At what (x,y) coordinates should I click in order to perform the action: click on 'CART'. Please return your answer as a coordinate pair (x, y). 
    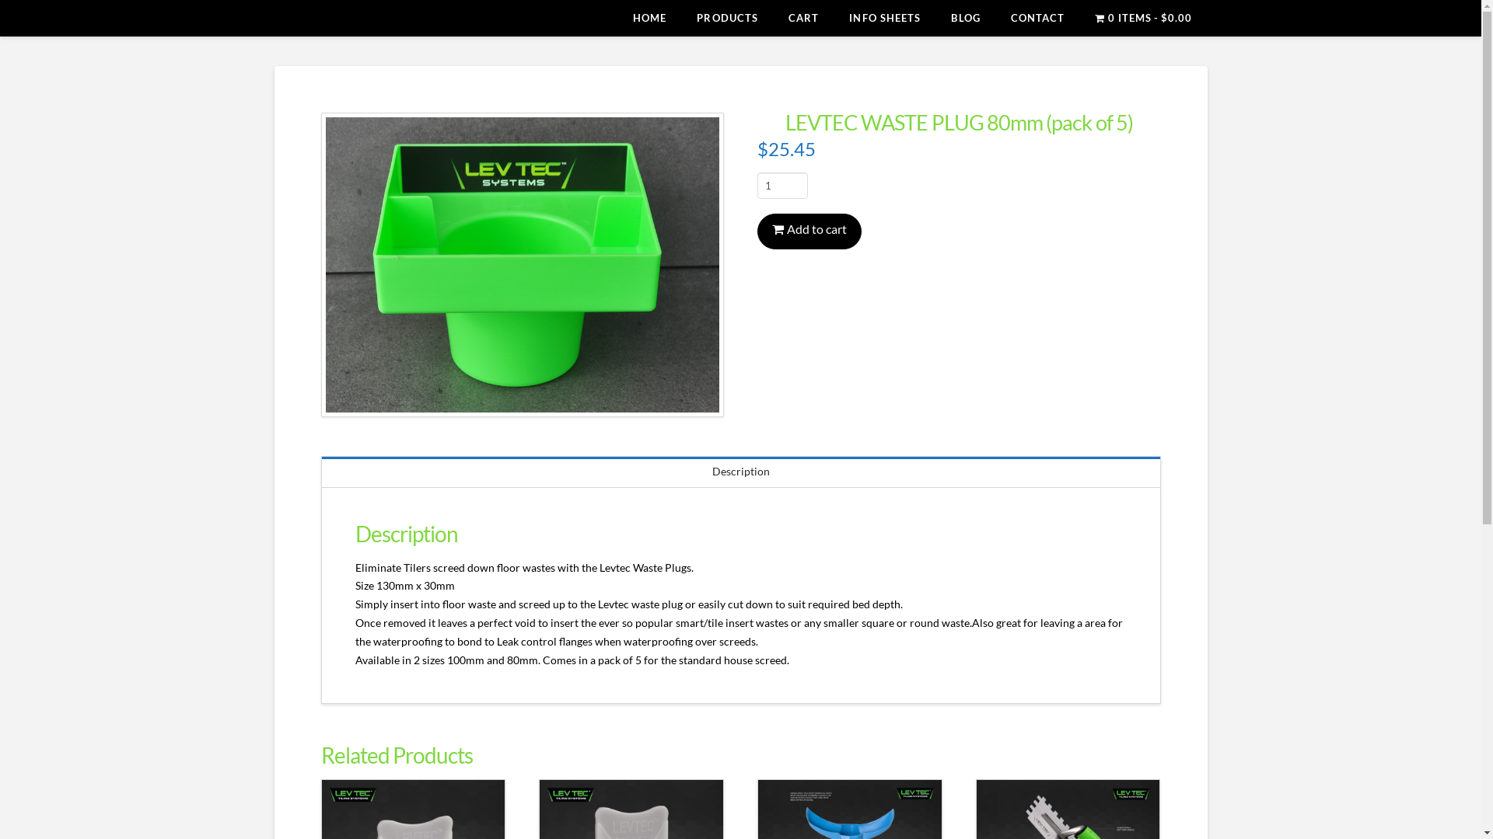
    Looking at the image, I should click on (802, 17).